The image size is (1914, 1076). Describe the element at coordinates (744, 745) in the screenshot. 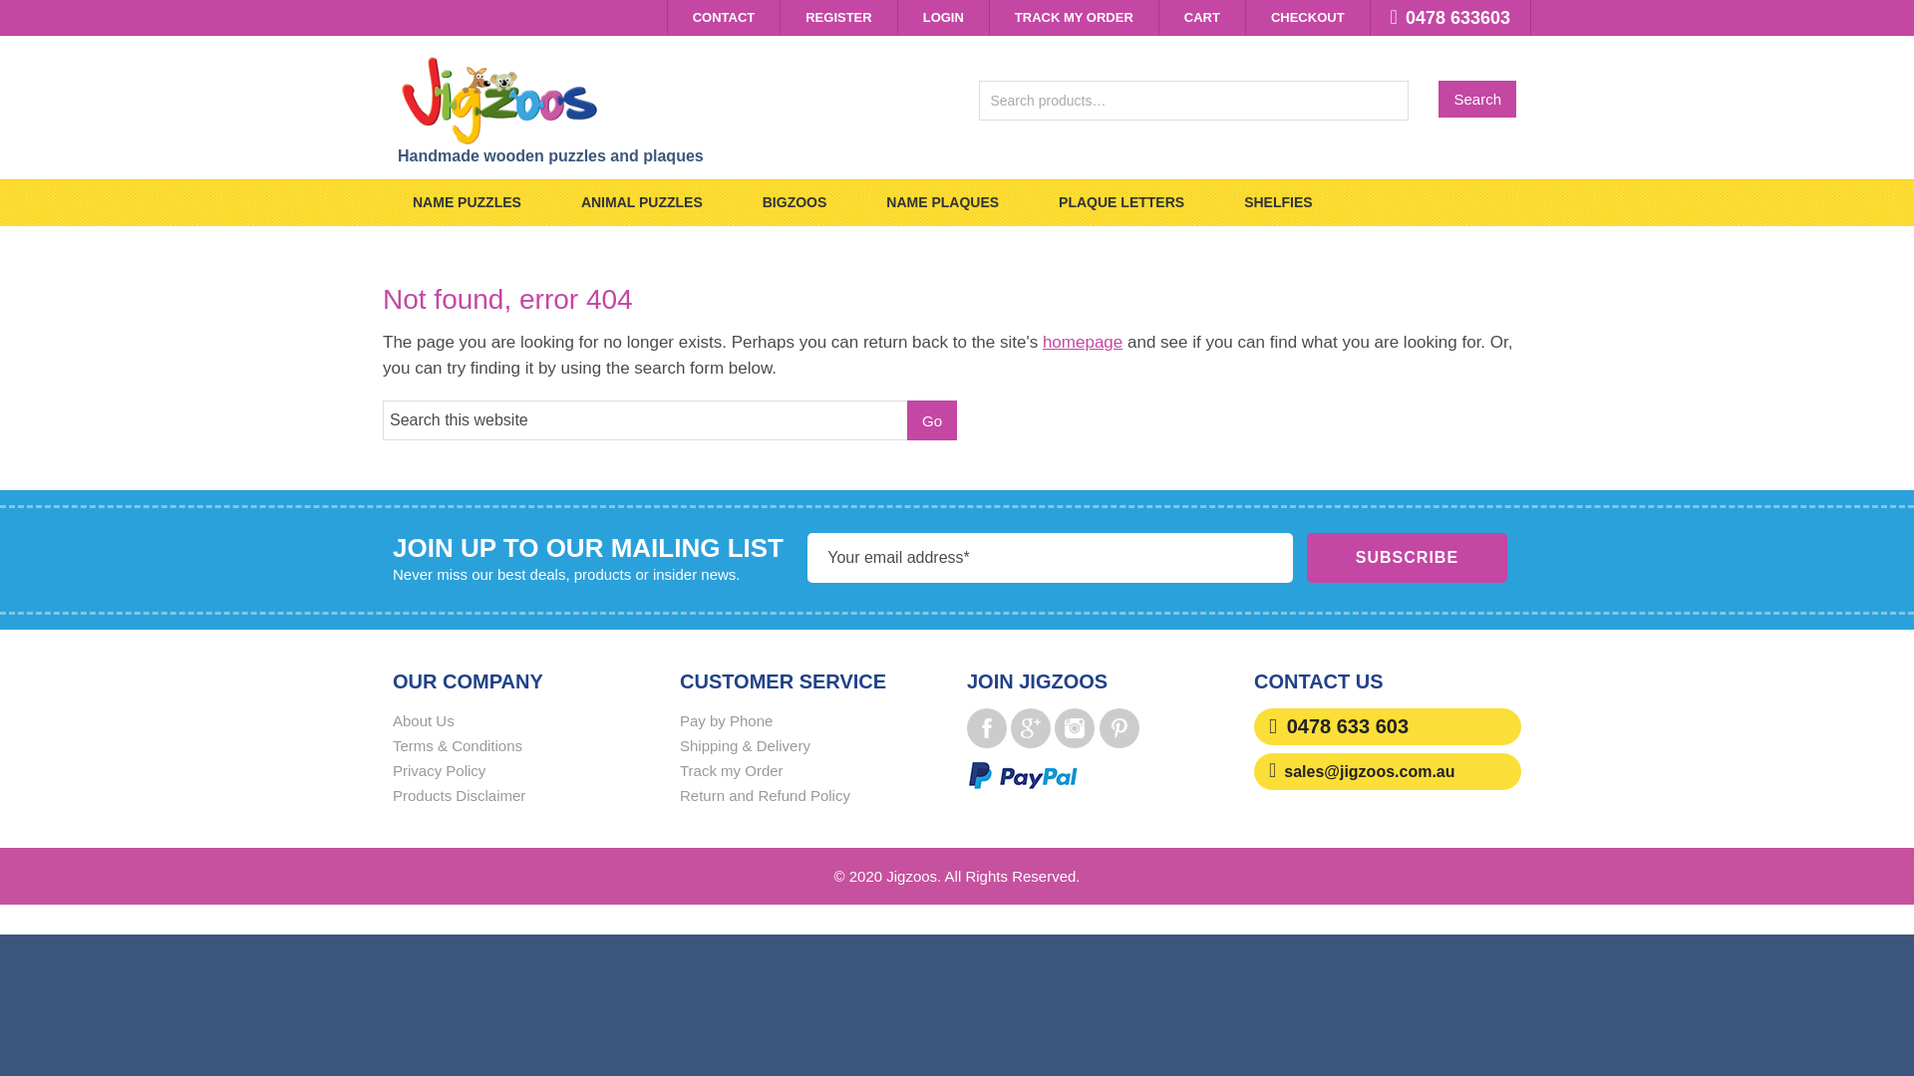

I see `'Shipping & Delivery'` at that location.